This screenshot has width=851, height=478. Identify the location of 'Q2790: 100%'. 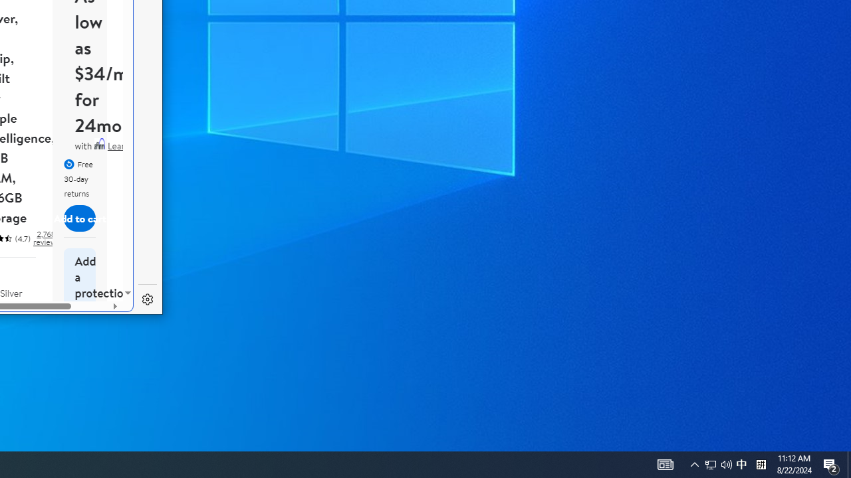
(741, 463).